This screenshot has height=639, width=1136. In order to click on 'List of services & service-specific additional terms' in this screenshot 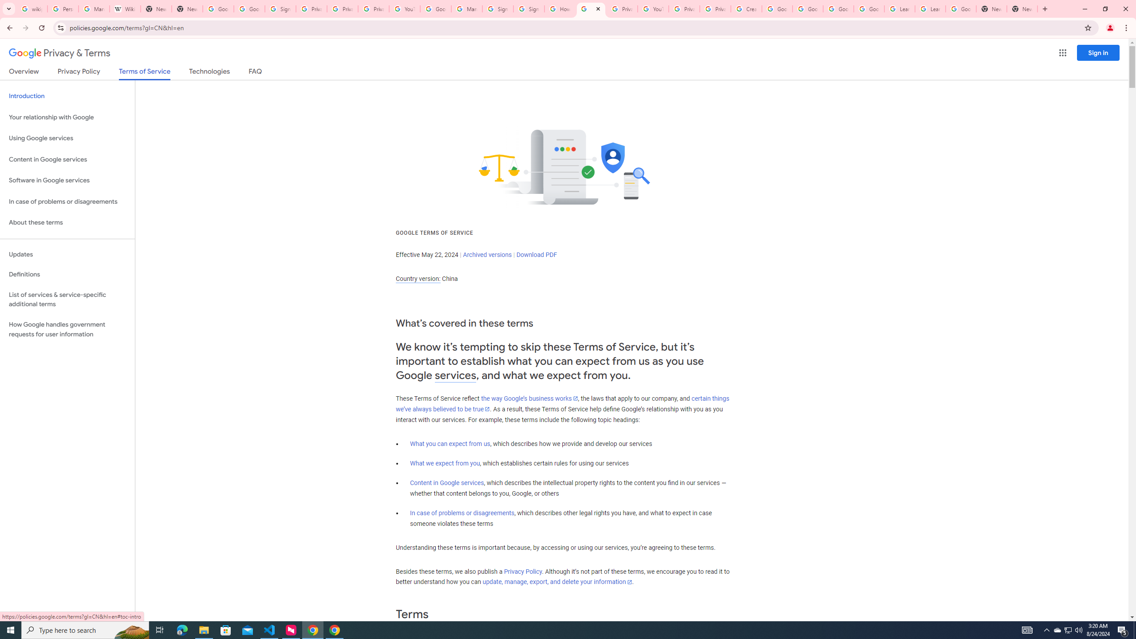, I will do `click(67, 299)`.